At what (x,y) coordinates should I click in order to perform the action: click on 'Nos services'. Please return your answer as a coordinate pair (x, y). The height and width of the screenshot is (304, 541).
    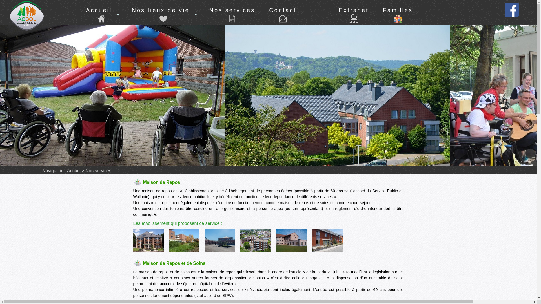
    Looking at the image, I should click on (84, 170).